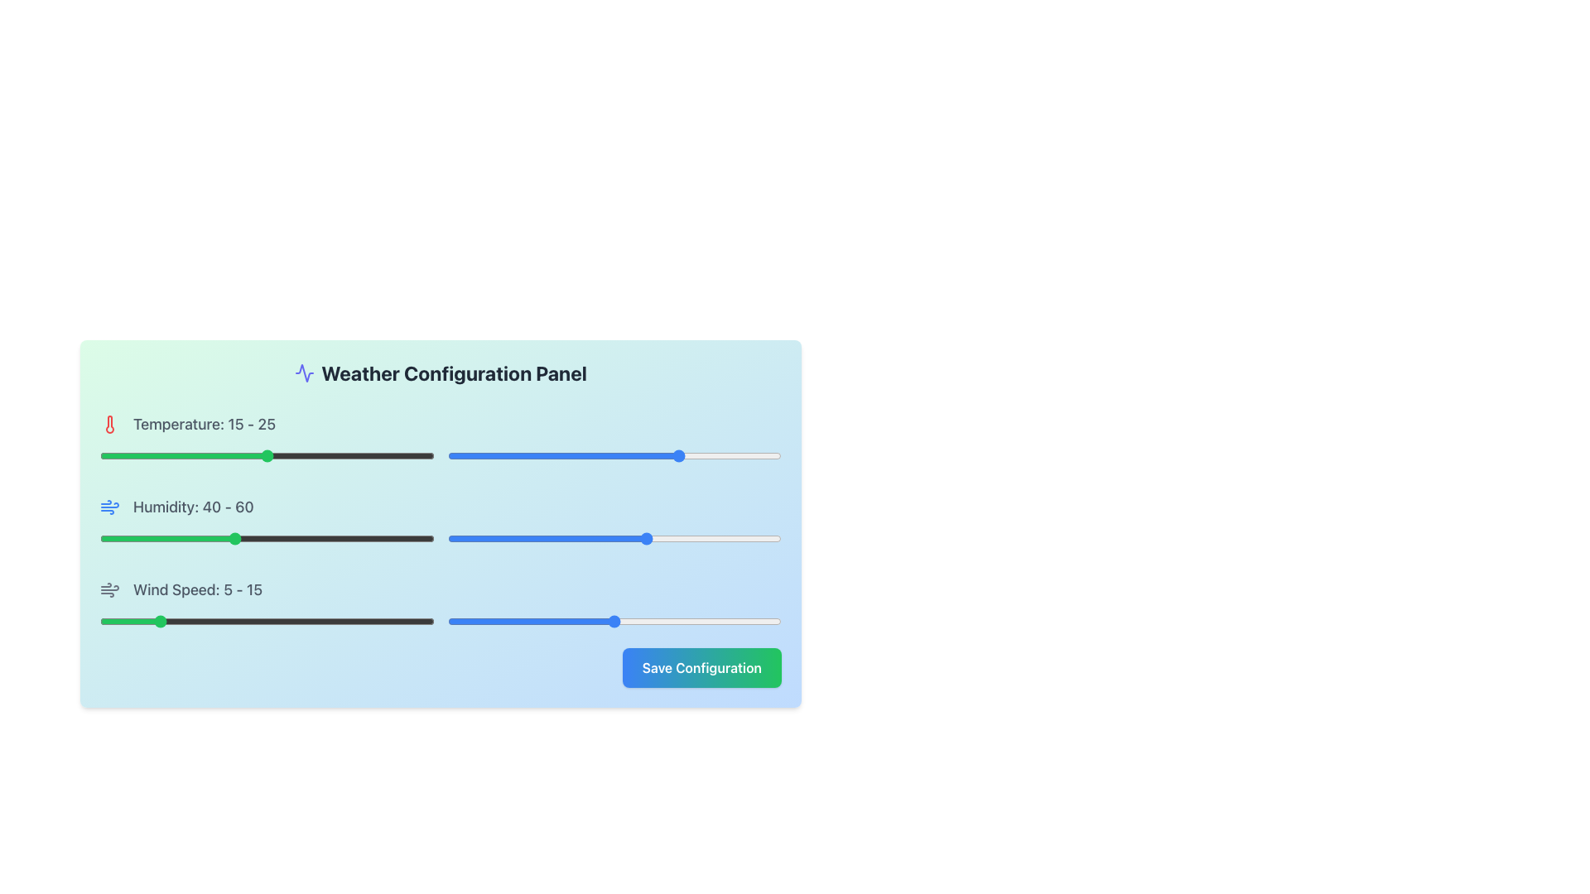 Image resolution: width=1590 pixels, height=894 pixels. Describe the element at coordinates (109, 507) in the screenshot. I see `the wind or airflow icon located to the left of the 'Wind Speed: 5 - 15' label` at that location.